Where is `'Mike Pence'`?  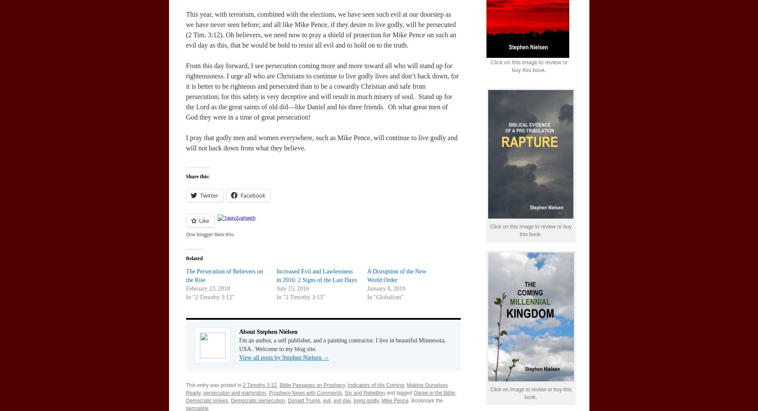
'Mike Pence' is located at coordinates (381, 401).